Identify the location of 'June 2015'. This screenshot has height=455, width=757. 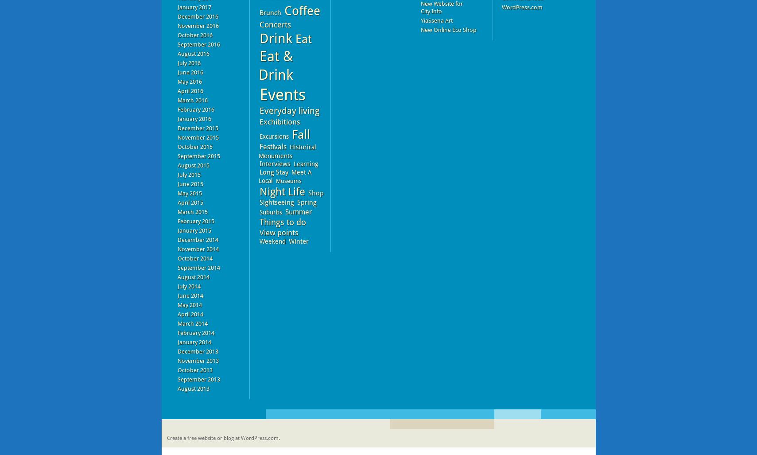
(190, 183).